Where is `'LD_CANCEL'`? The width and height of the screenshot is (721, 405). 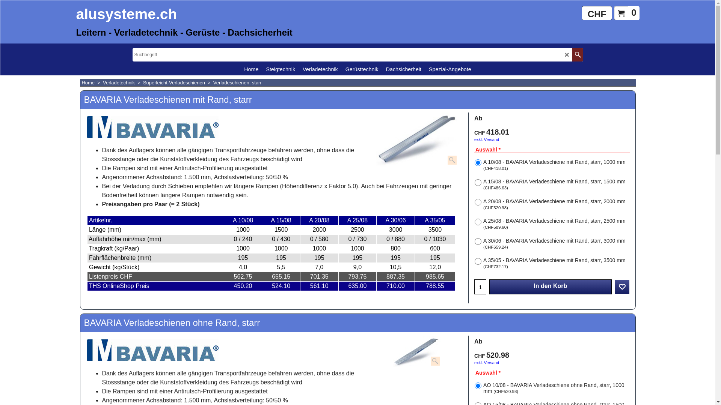 'LD_CANCEL' is located at coordinates (564, 54).